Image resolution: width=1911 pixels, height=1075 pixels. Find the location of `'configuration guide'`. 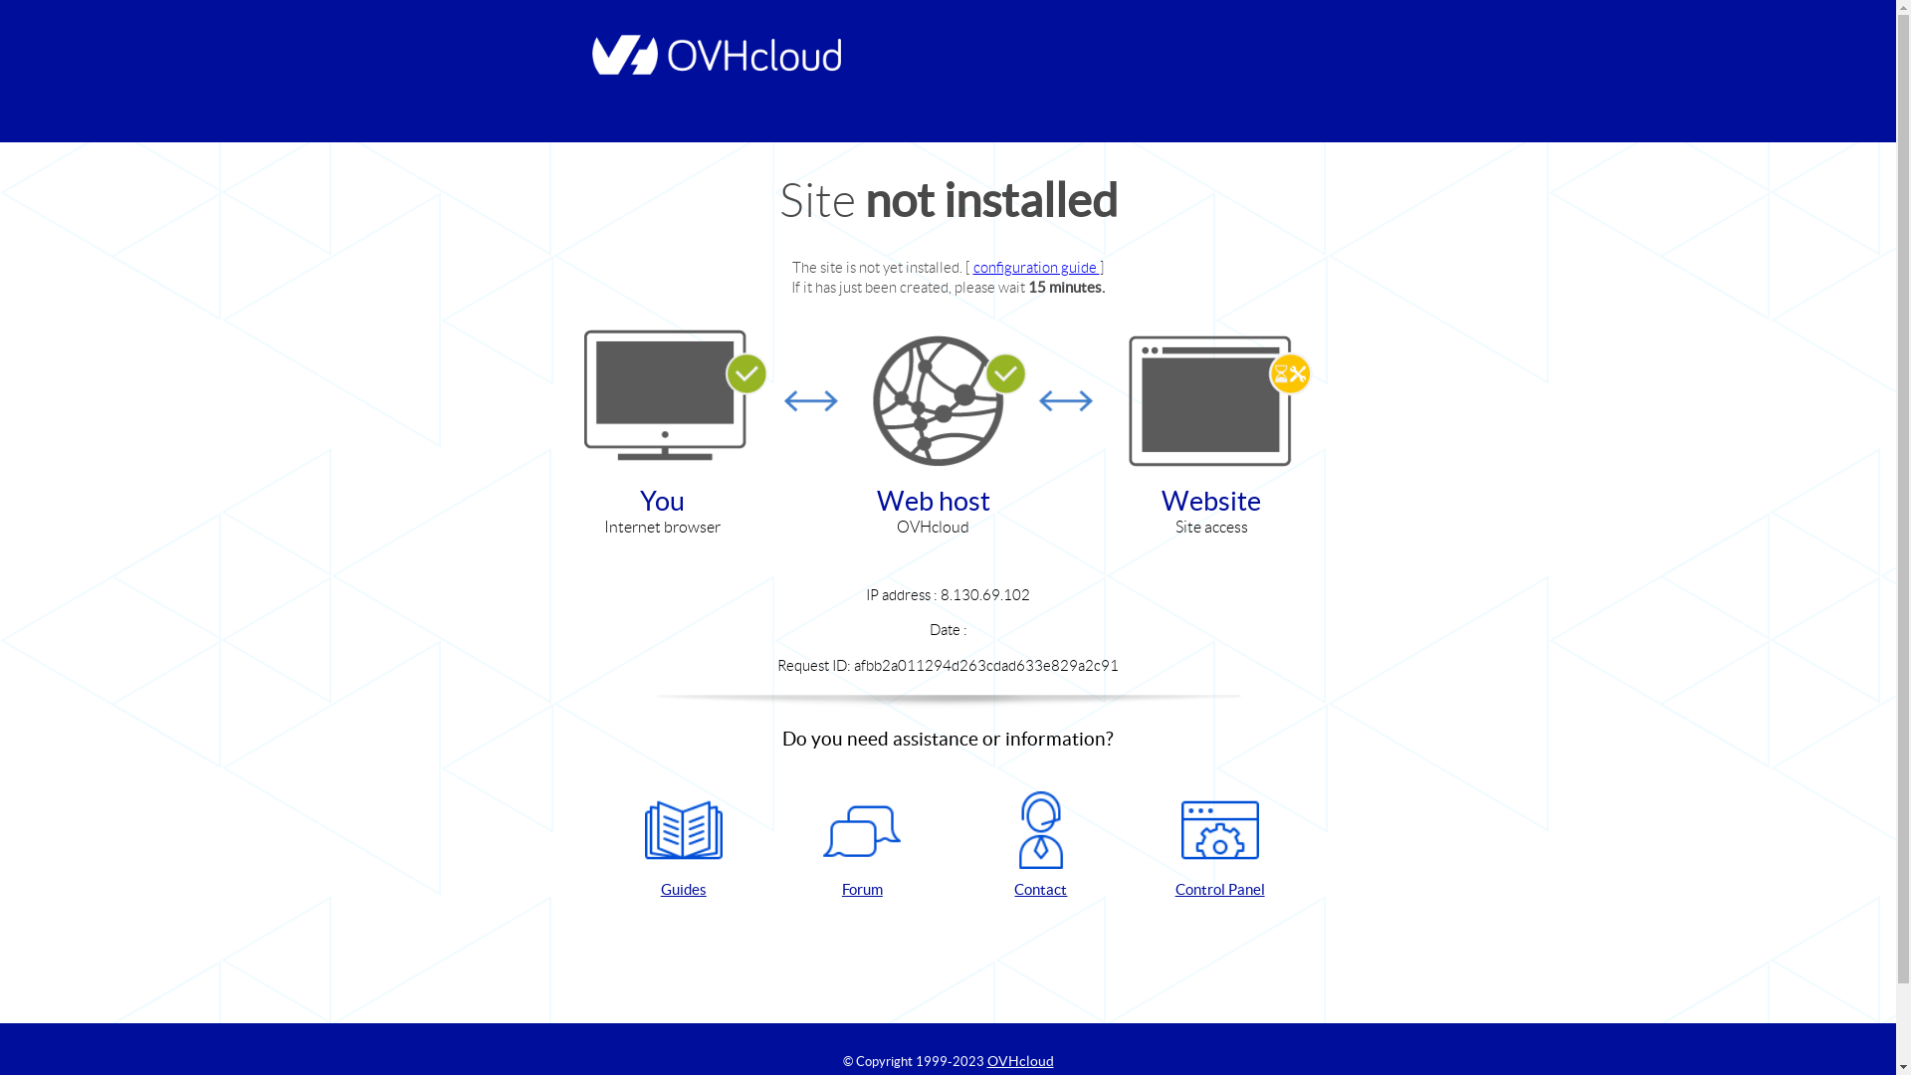

'configuration guide' is located at coordinates (1035, 266).